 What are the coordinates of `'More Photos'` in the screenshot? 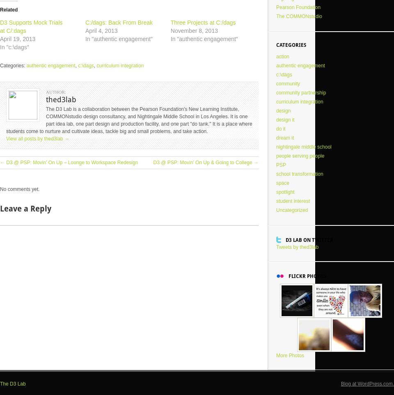 It's located at (290, 355).